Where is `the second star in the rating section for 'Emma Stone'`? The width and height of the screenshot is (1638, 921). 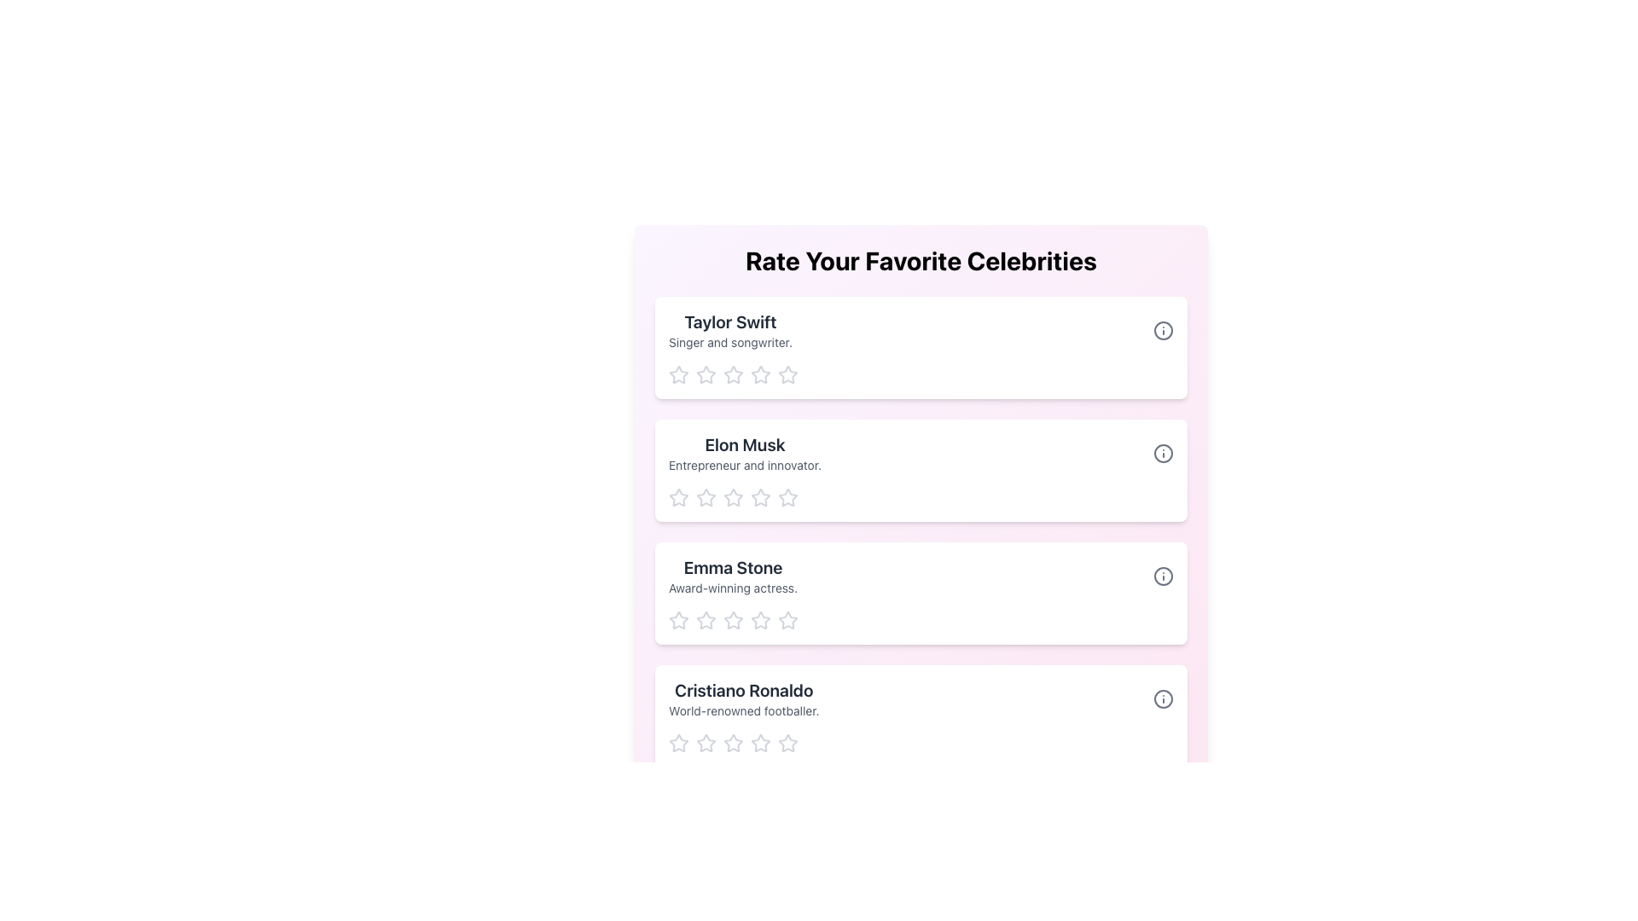 the second star in the rating section for 'Emma Stone' is located at coordinates (706, 621).